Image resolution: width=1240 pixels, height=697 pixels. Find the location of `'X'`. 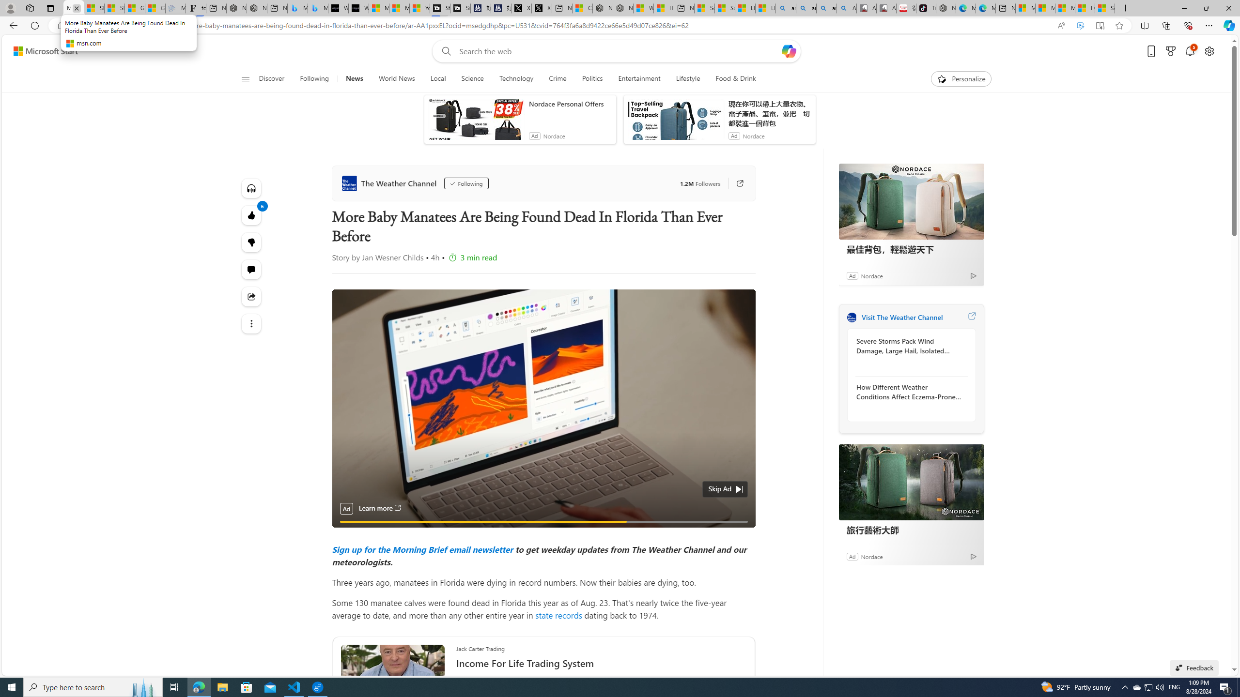

'X' is located at coordinates (541, 8).